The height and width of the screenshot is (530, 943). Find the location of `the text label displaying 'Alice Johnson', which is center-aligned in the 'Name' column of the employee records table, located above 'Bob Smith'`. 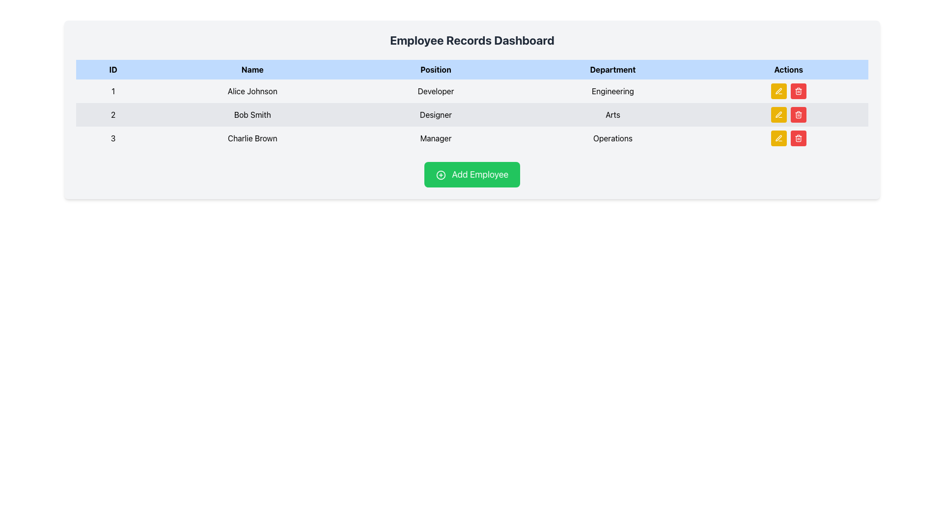

the text label displaying 'Alice Johnson', which is center-aligned in the 'Name' column of the employee records table, located above 'Bob Smith' is located at coordinates (252, 91).